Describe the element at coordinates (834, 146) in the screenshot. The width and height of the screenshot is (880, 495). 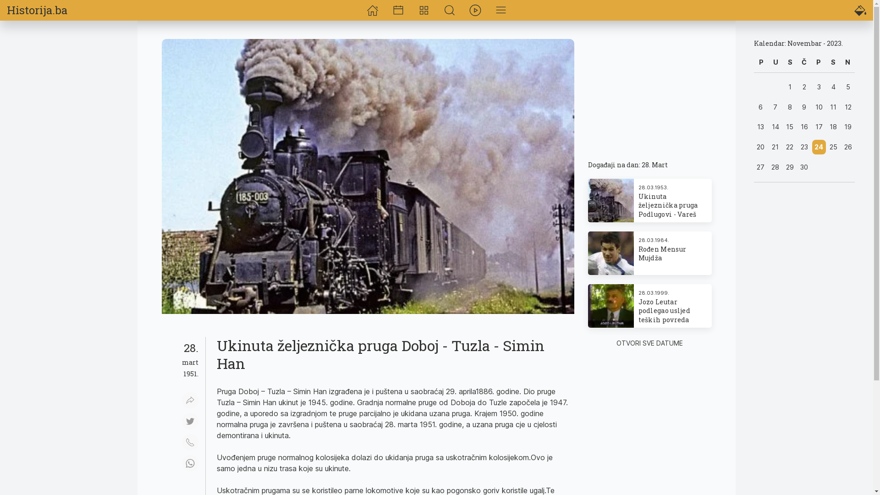
I see `'25'` at that location.